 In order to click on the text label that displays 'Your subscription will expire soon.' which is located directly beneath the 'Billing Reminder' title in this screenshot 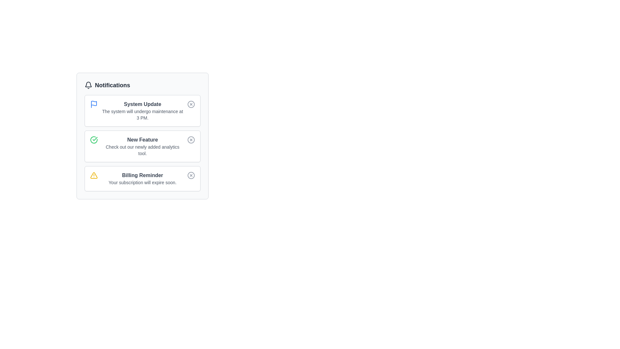, I will do `click(142, 182)`.